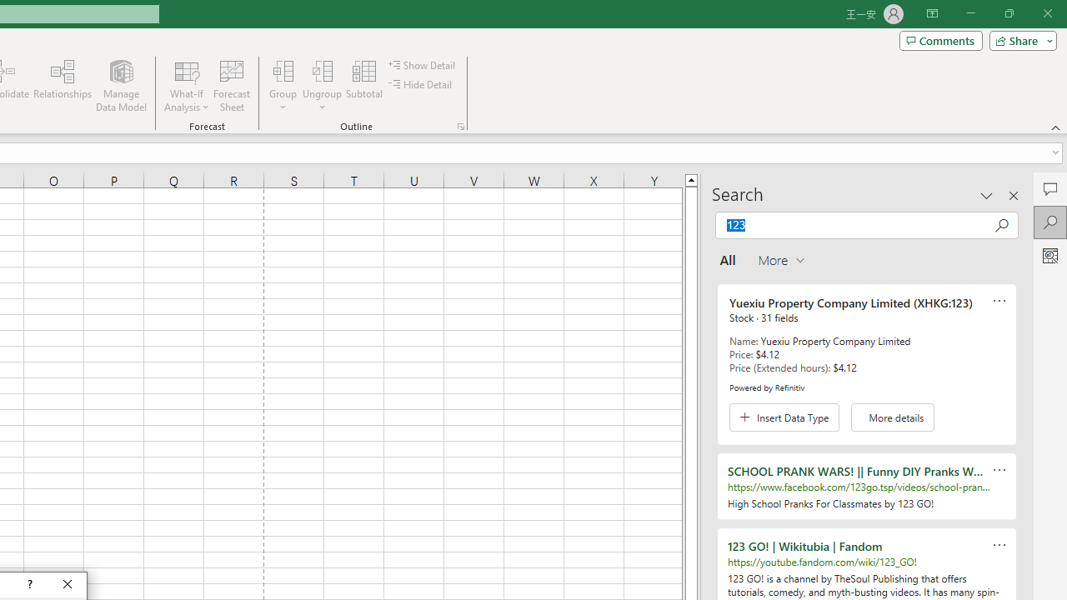 The image size is (1067, 600). What do you see at coordinates (63, 86) in the screenshot?
I see `'Relationships'` at bounding box center [63, 86].